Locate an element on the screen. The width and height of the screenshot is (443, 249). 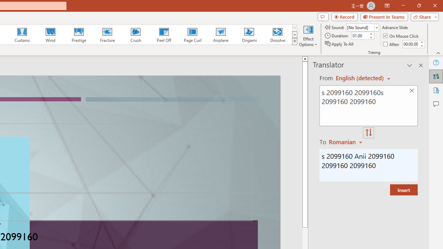
'Czech' is located at coordinates (346, 141).